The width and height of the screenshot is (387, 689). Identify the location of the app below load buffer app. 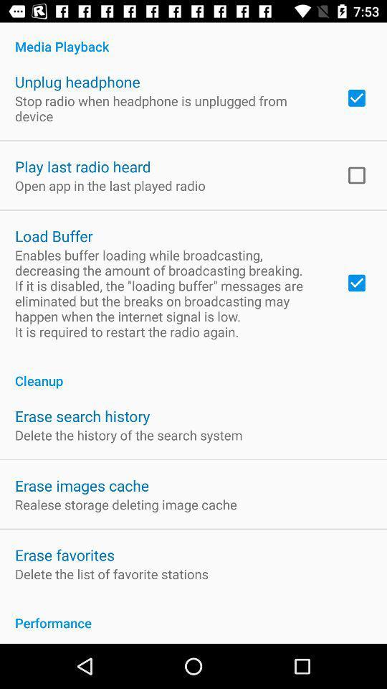
(171, 292).